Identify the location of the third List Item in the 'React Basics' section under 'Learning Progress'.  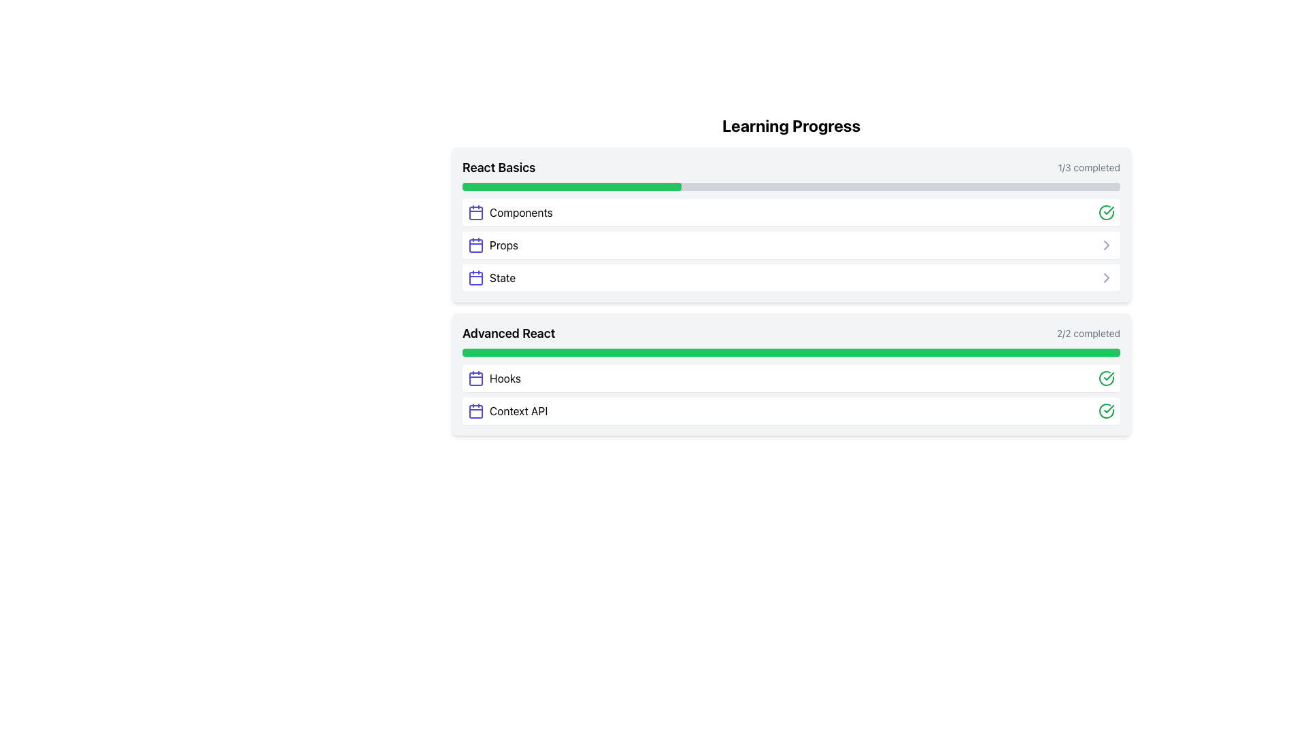
(791, 277).